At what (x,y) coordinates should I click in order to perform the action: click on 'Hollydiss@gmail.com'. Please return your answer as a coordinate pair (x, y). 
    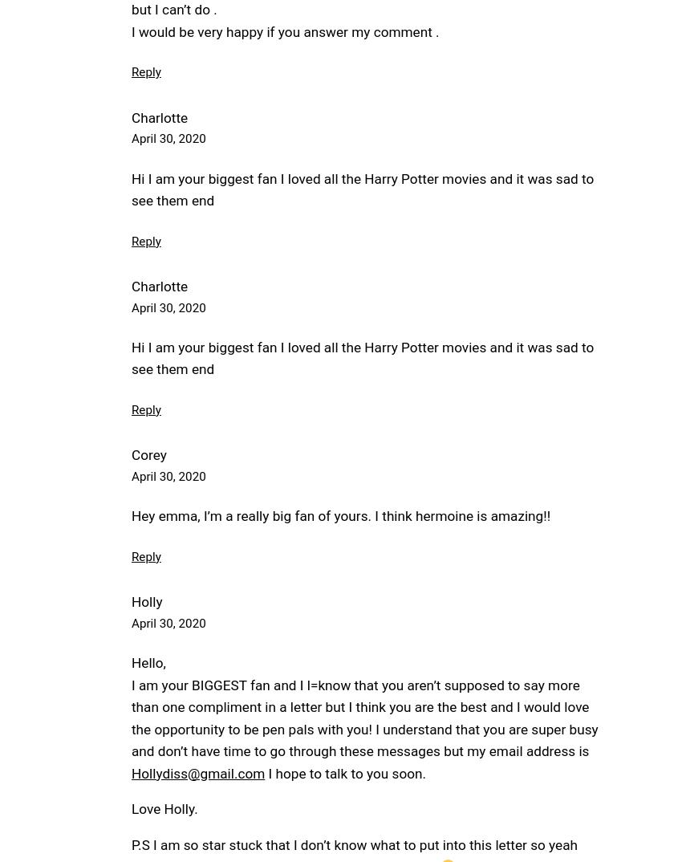
    Looking at the image, I should click on (198, 772).